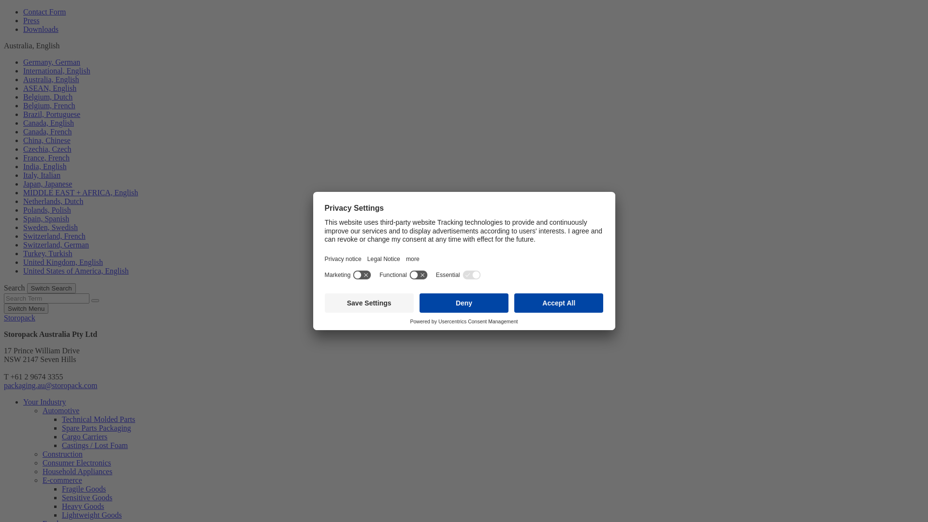 This screenshot has width=928, height=522. Describe the element at coordinates (42, 471) in the screenshot. I see `'Household Appliances'` at that location.